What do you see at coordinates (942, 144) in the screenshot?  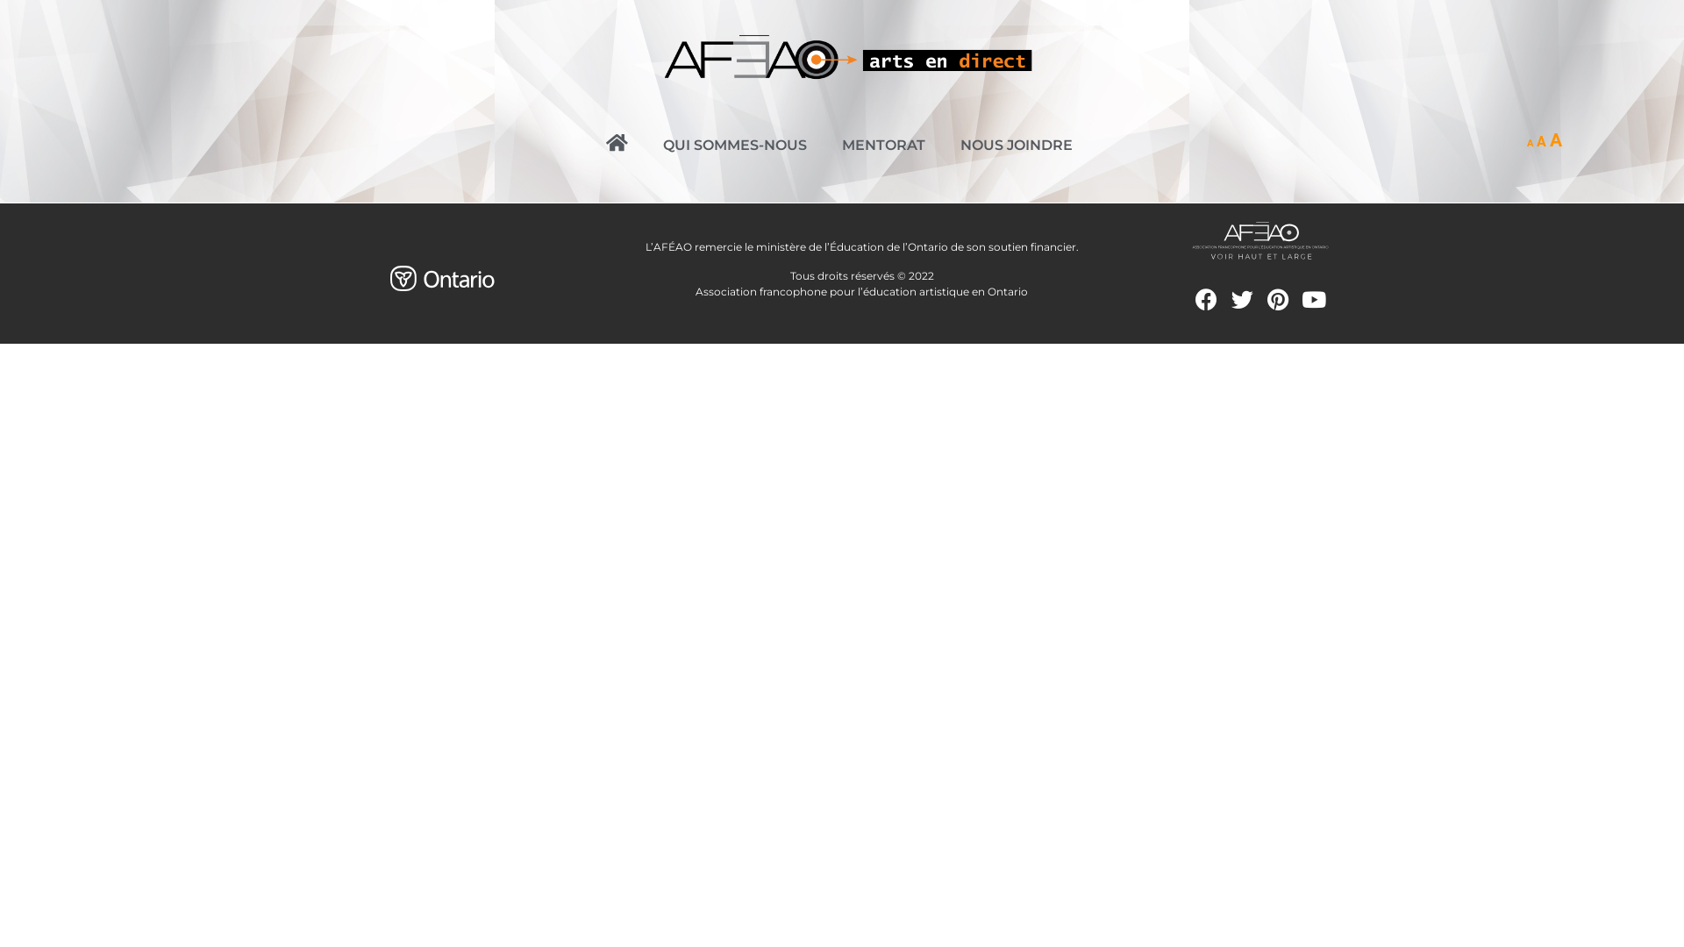 I see `'NOUS JOINDRE'` at bounding box center [942, 144].